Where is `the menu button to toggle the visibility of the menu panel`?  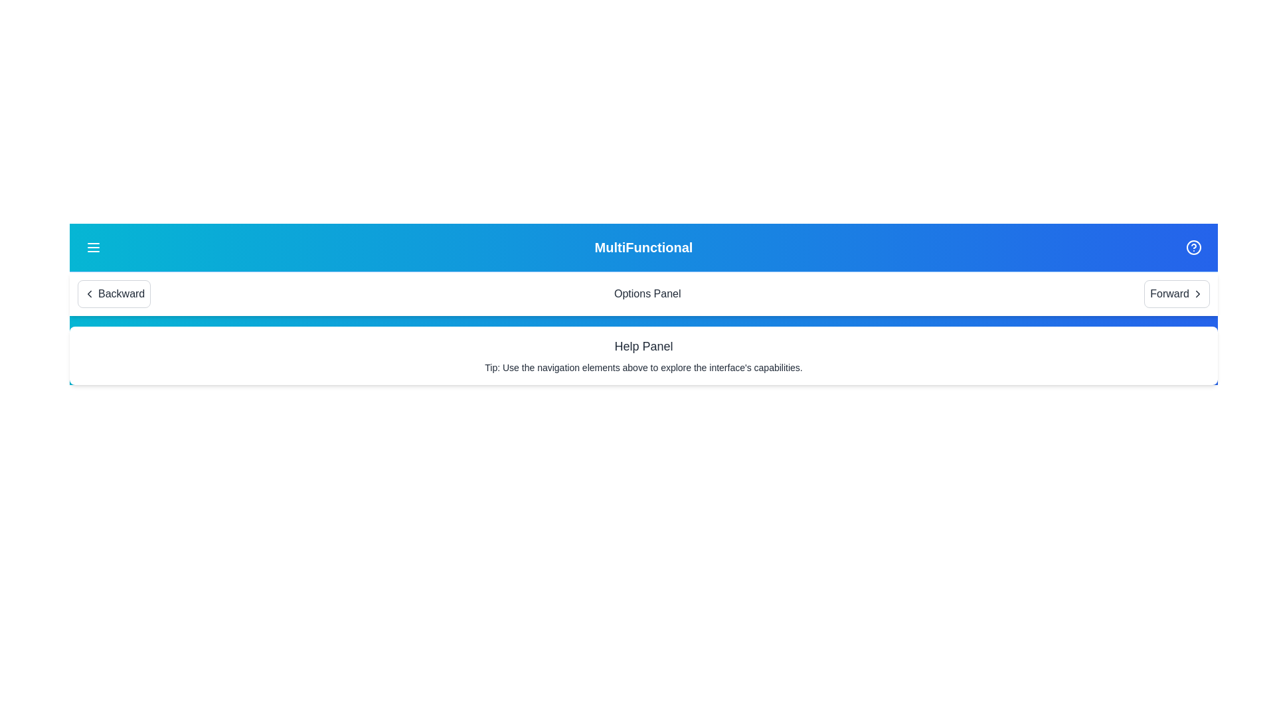 the menu button to toggle the visibility of the menu panel is located at coordinates (92, 248).